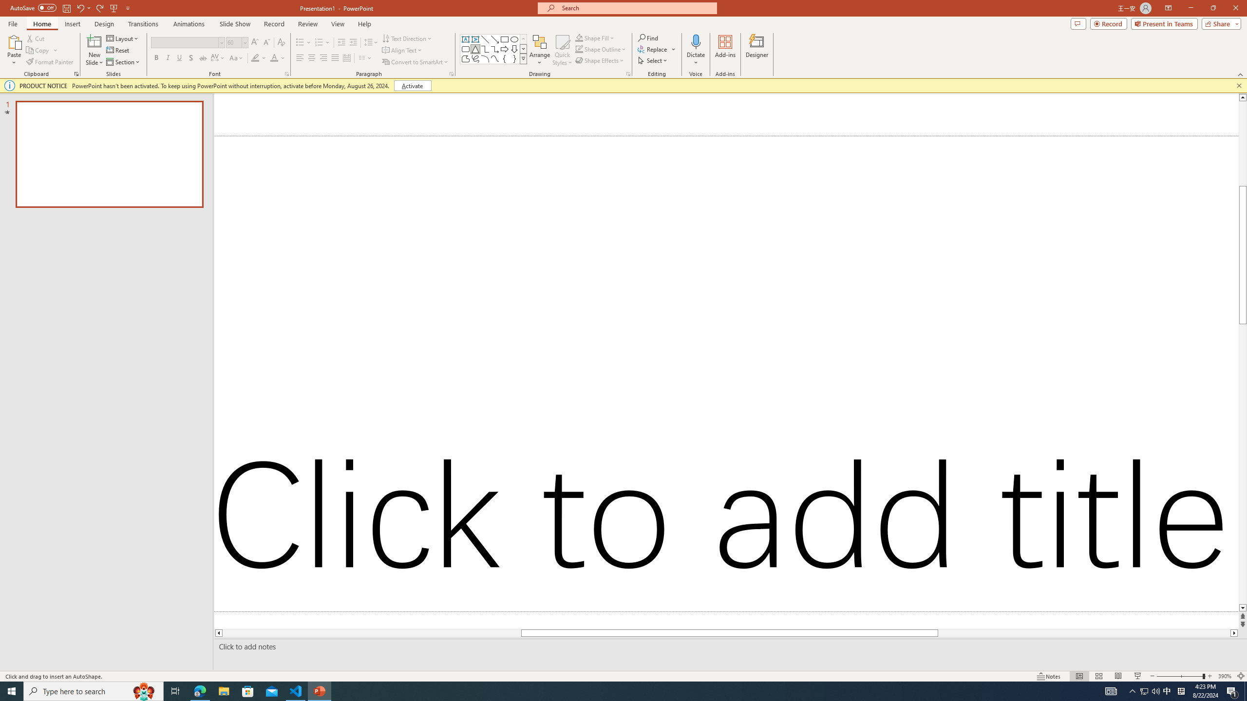  What do you see at coordinates (402, 50) in the screenshot?
I see `'Align Text'` at bounding box center [402, 50].